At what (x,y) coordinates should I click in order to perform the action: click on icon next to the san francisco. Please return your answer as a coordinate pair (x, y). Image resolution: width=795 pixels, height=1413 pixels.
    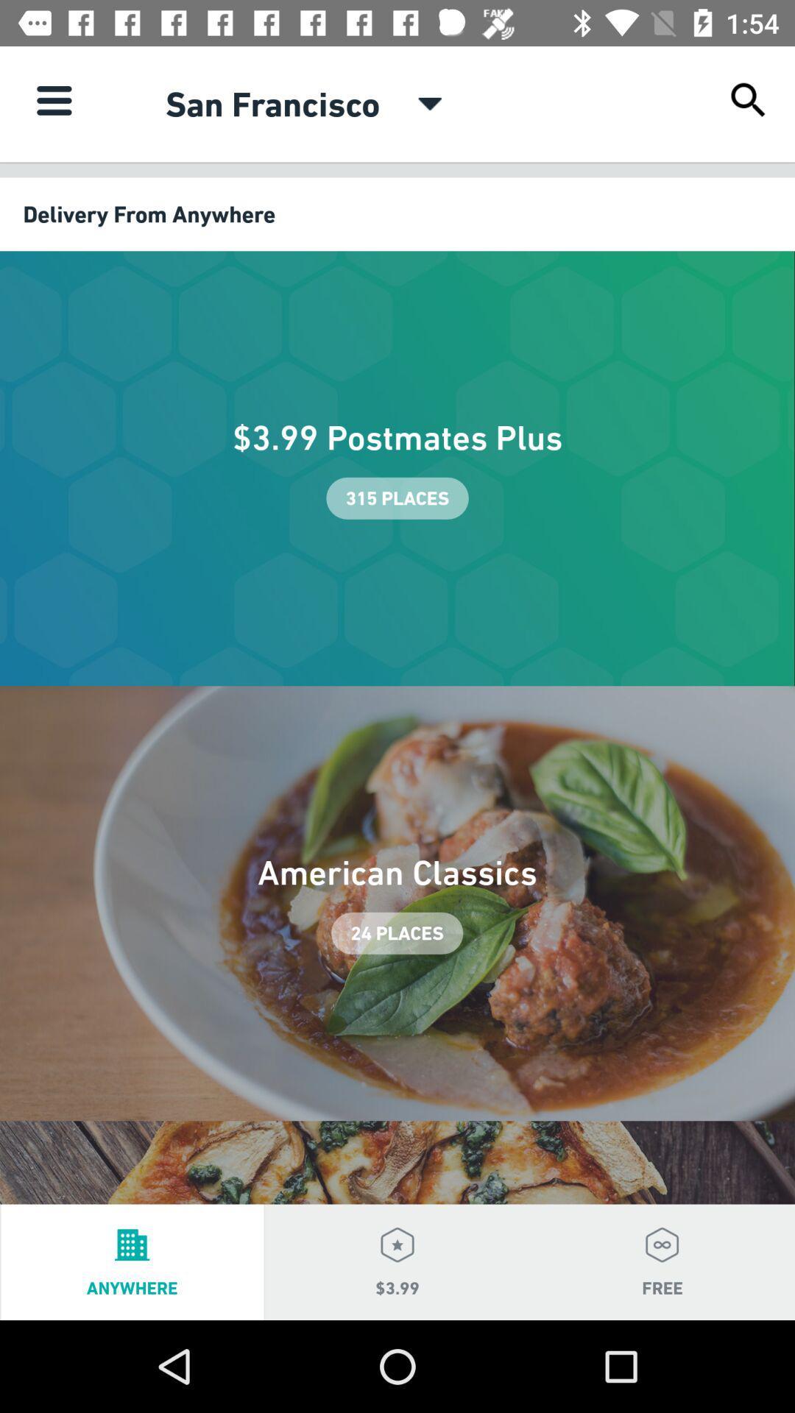
    Looking at the image, I should click on (53, 99).